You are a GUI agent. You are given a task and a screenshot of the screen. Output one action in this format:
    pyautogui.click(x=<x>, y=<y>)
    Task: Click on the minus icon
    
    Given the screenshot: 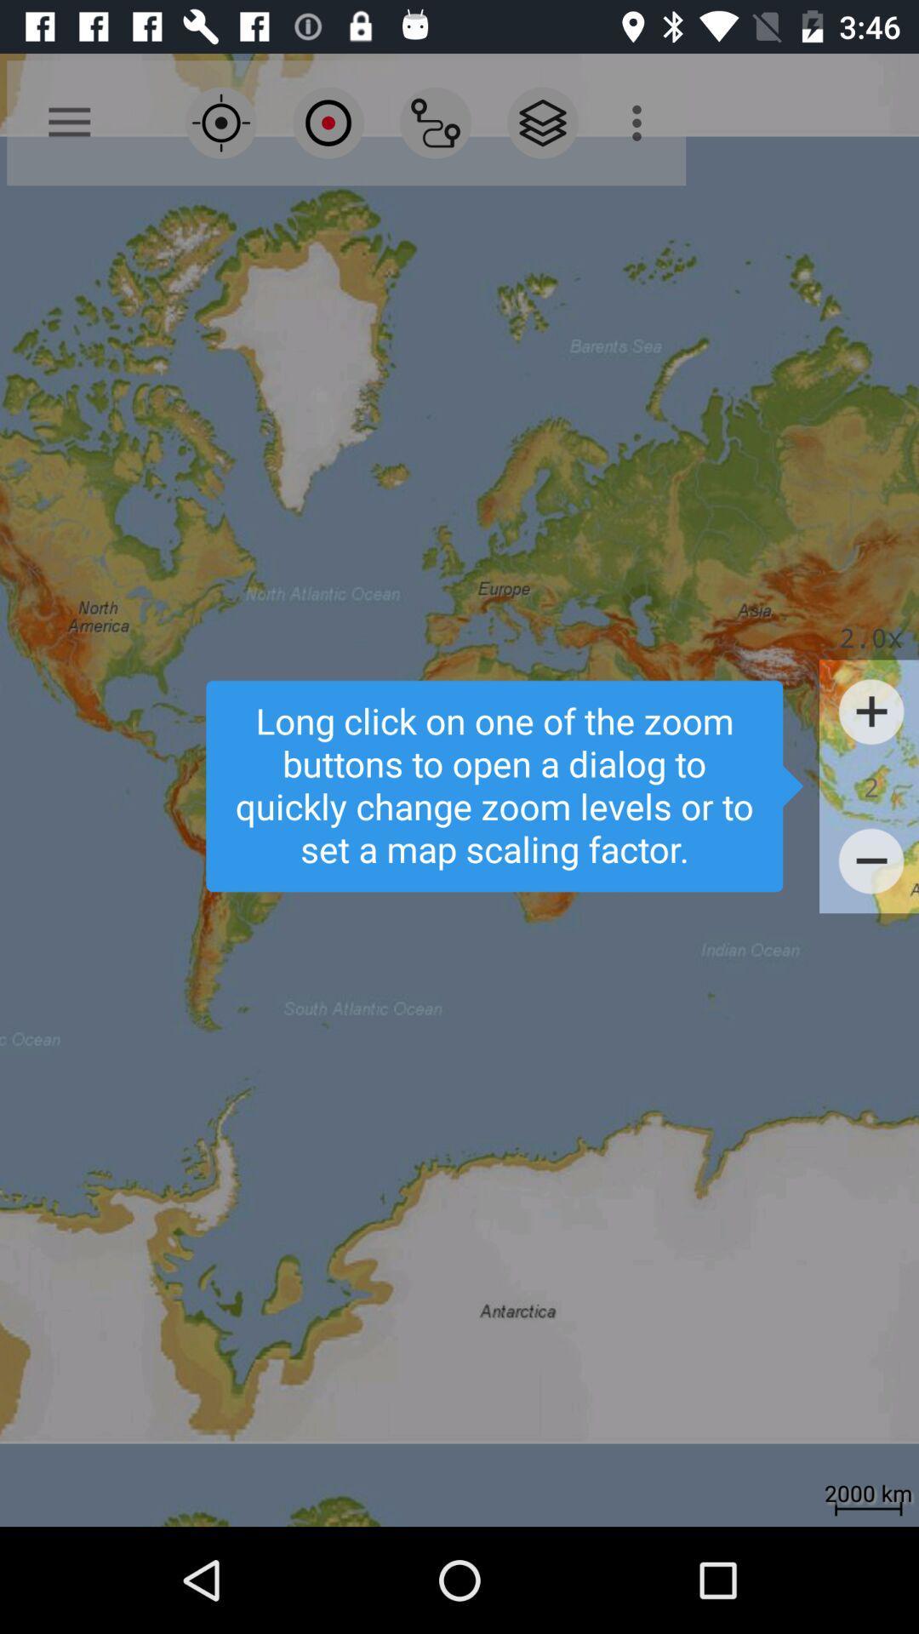 What is the action you would take?
    pyautogui.click(x=870, y=861)
    